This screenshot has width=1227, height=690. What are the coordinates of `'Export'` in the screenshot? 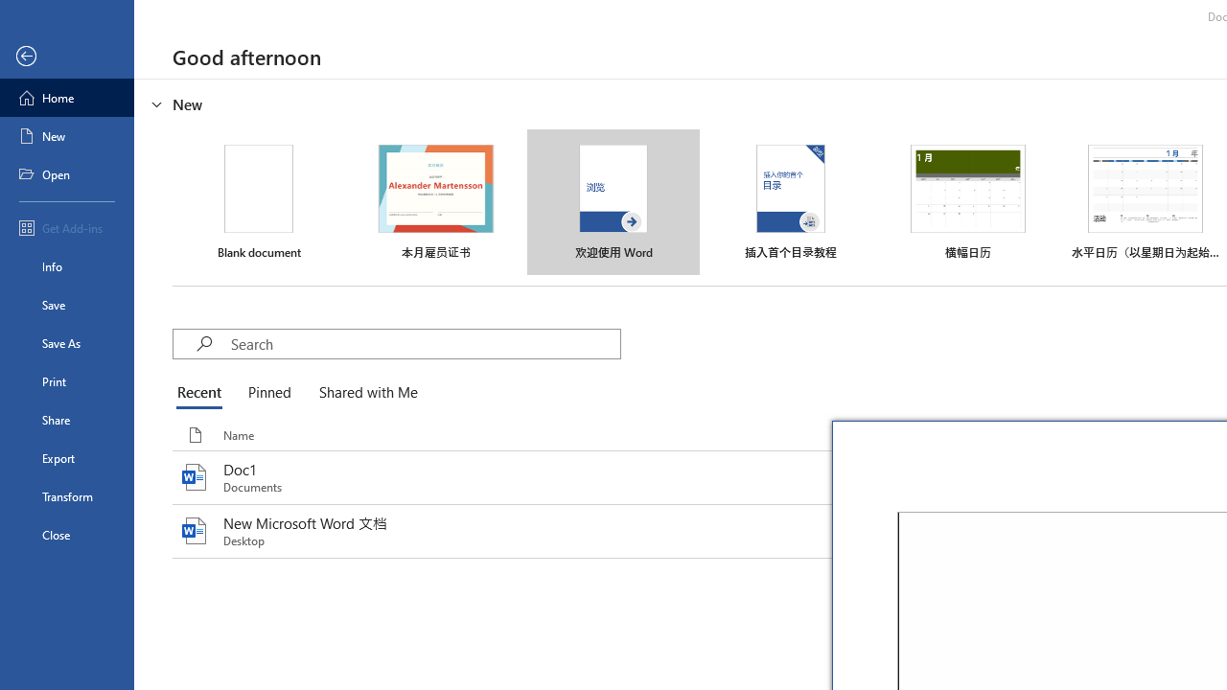 It's located at (66, 458).